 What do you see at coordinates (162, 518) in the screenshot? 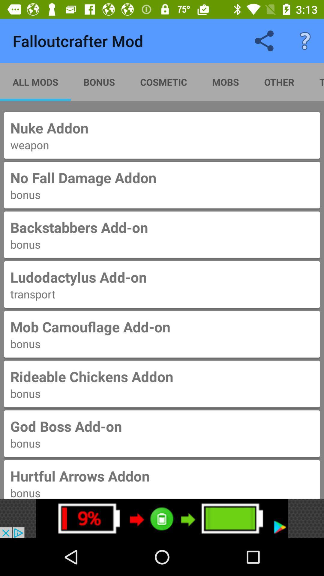
I see `advertisement for increase in battery power` at bounding box center [162, 518].